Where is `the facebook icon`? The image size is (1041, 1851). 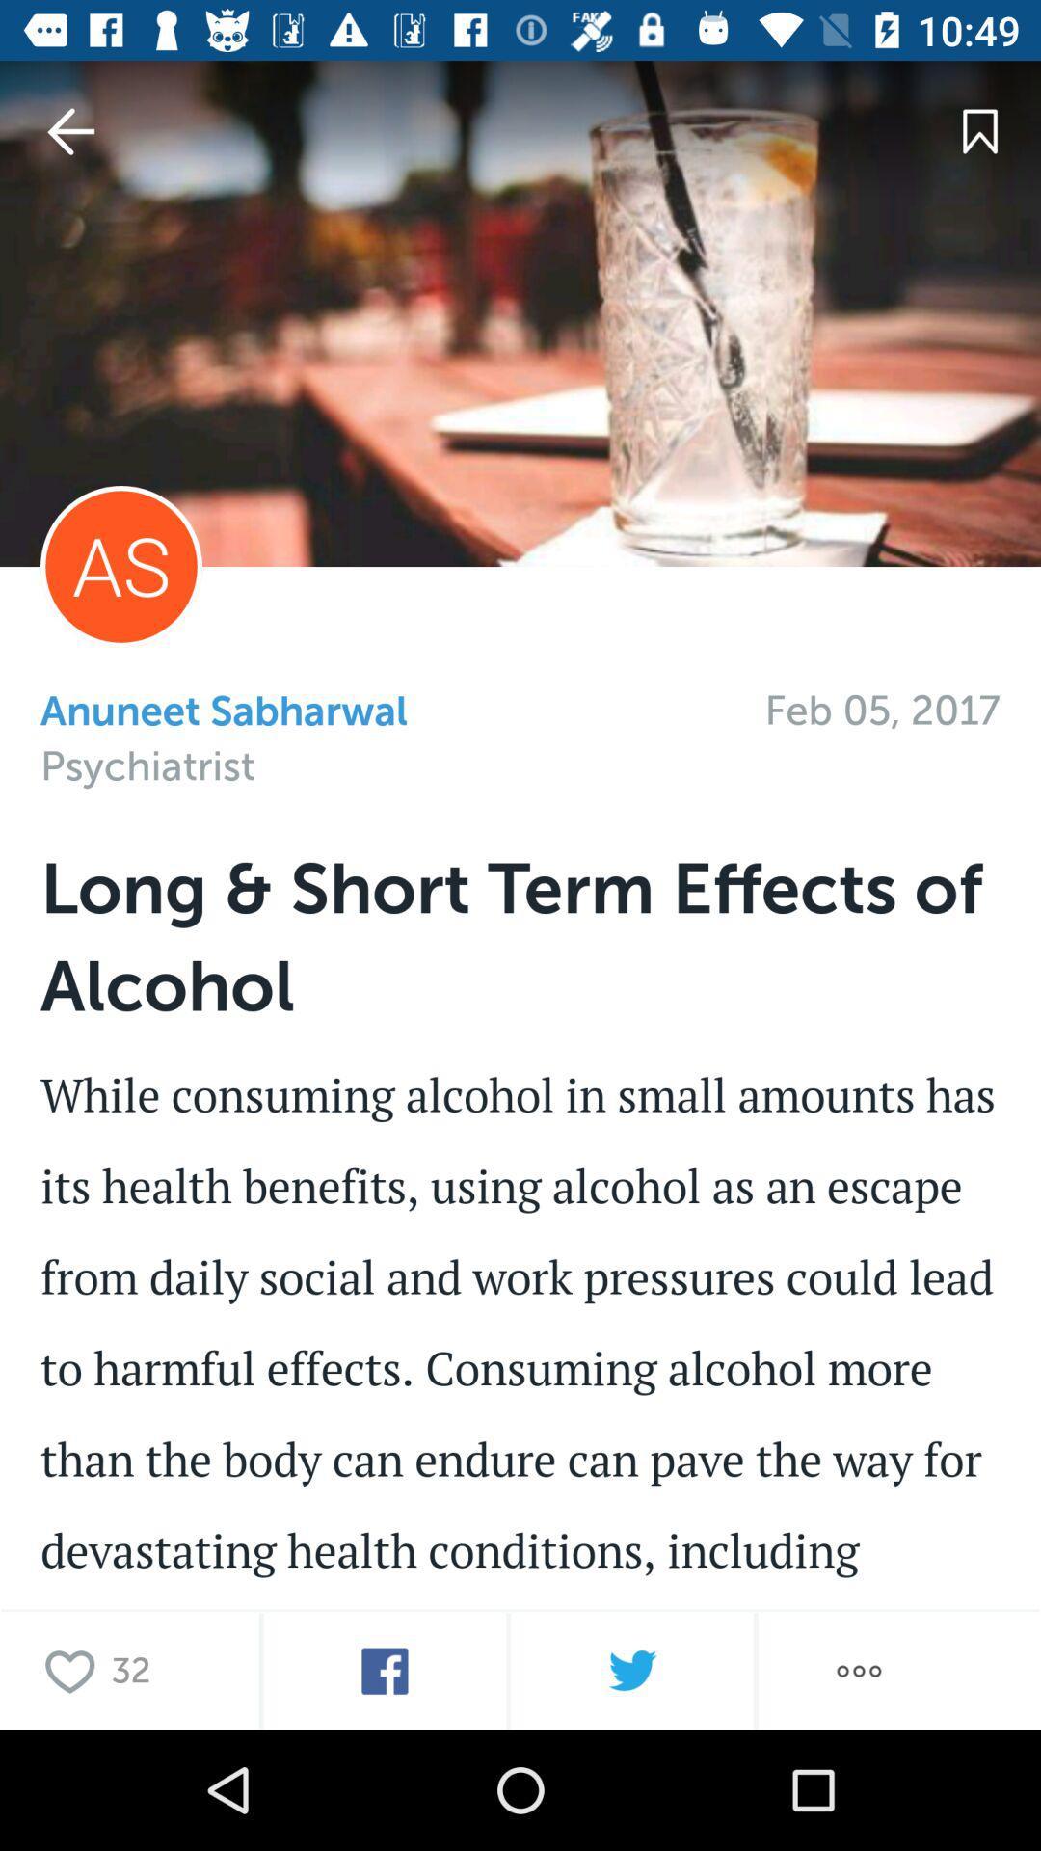
the facebook icon is located at coordinates (385, 1670).